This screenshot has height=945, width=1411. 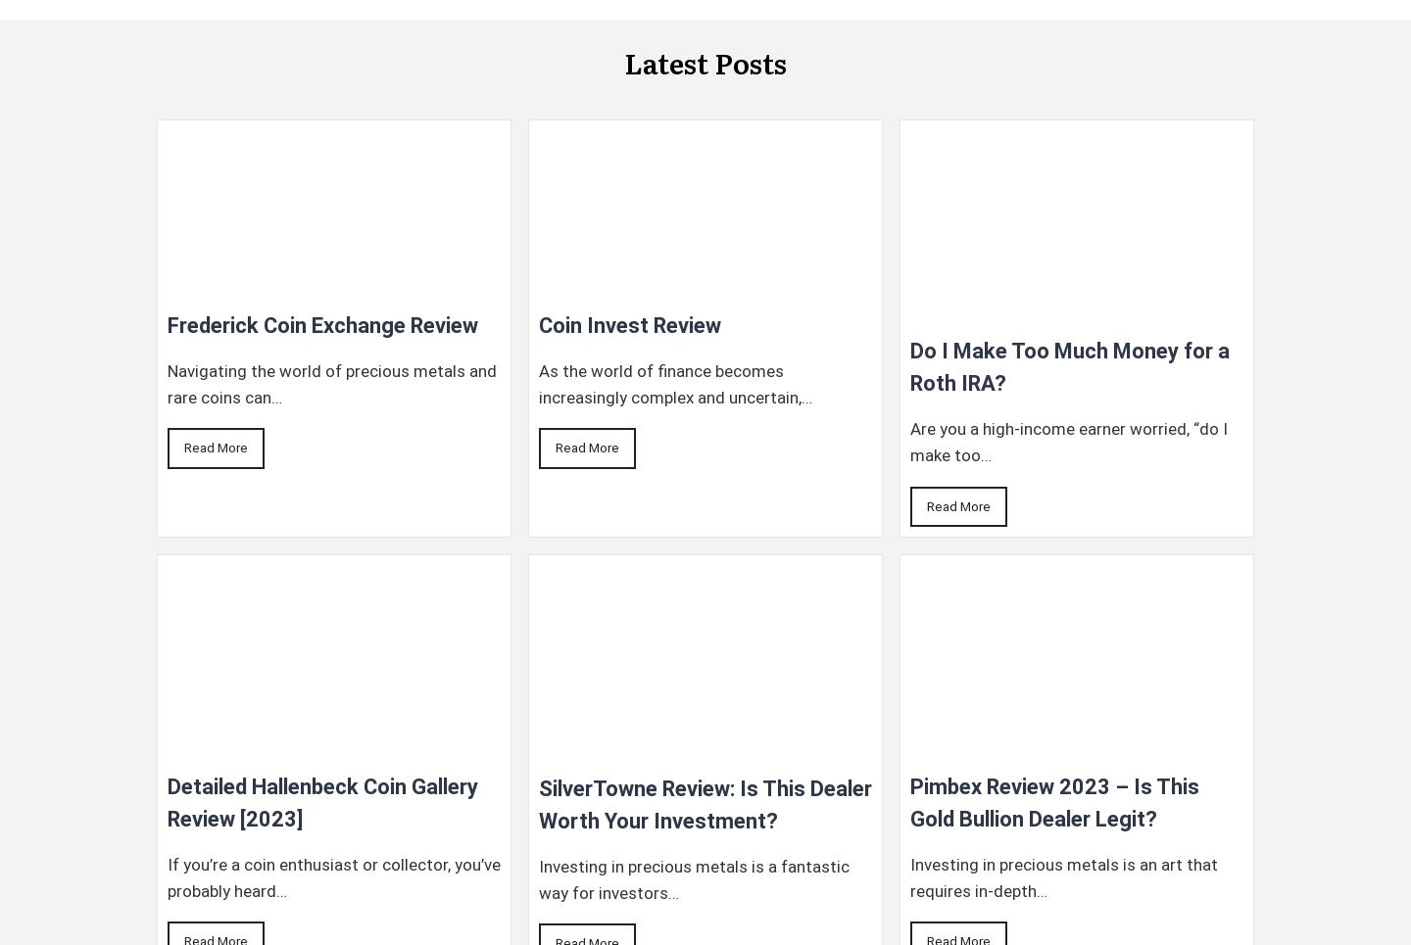 I want to click on 'As the world of finance becomes increasingly complex and uncertain,…', so click(x=674, y=382).